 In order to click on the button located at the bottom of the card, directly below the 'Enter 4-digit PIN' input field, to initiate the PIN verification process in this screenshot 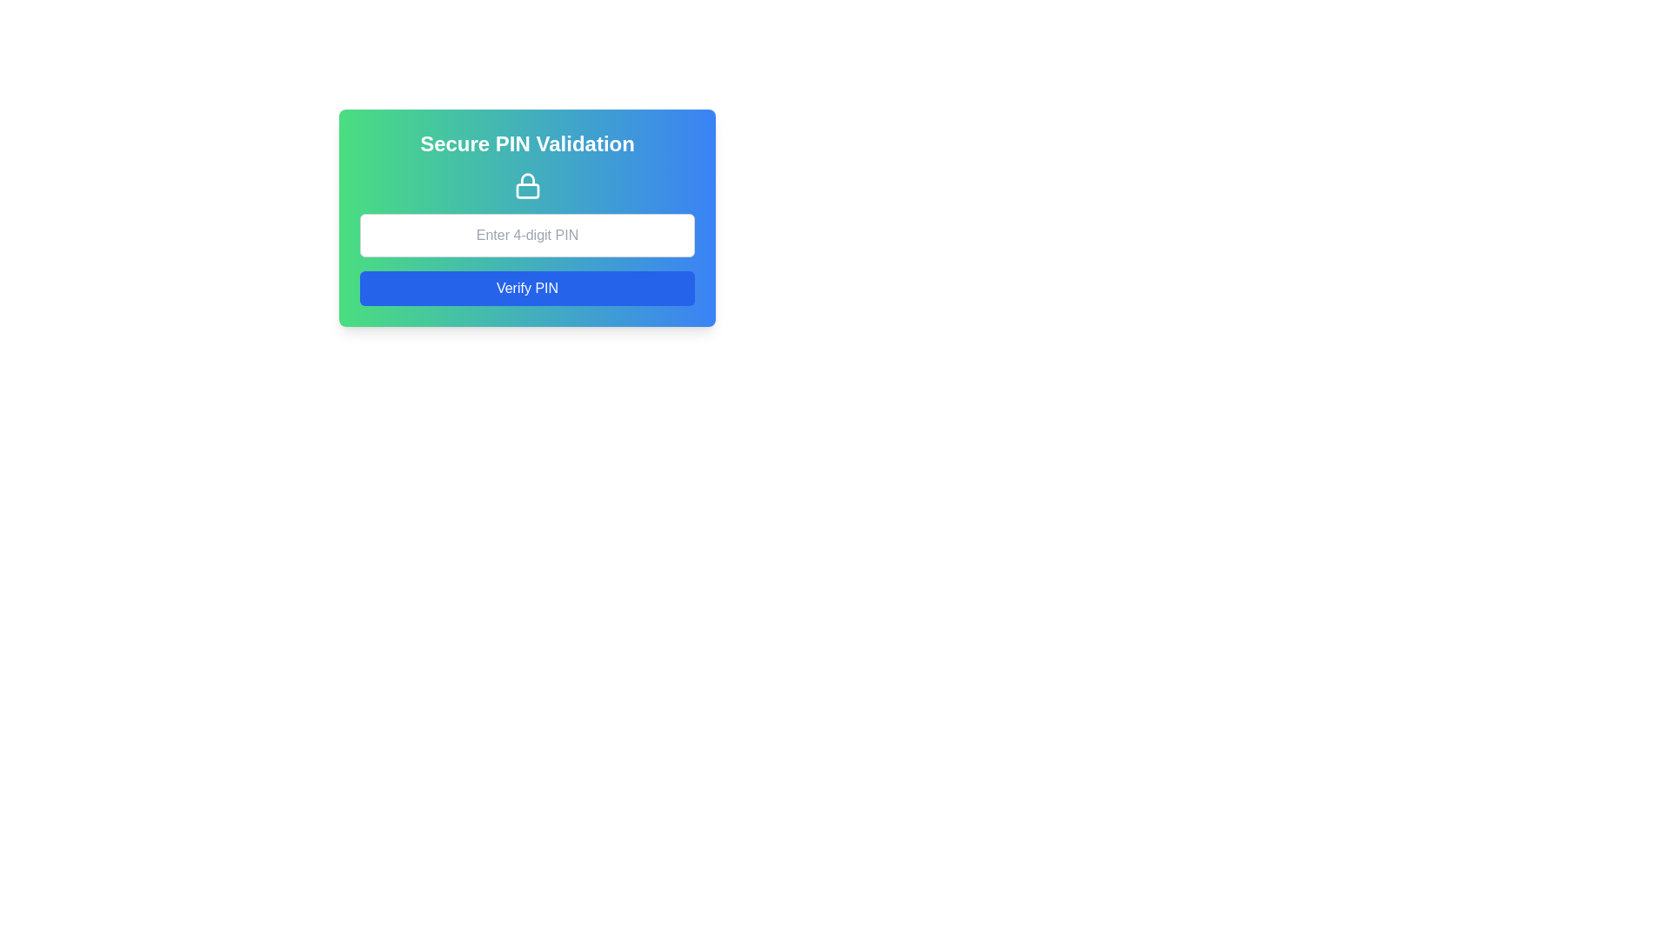, I will do `click(526, 287)`.